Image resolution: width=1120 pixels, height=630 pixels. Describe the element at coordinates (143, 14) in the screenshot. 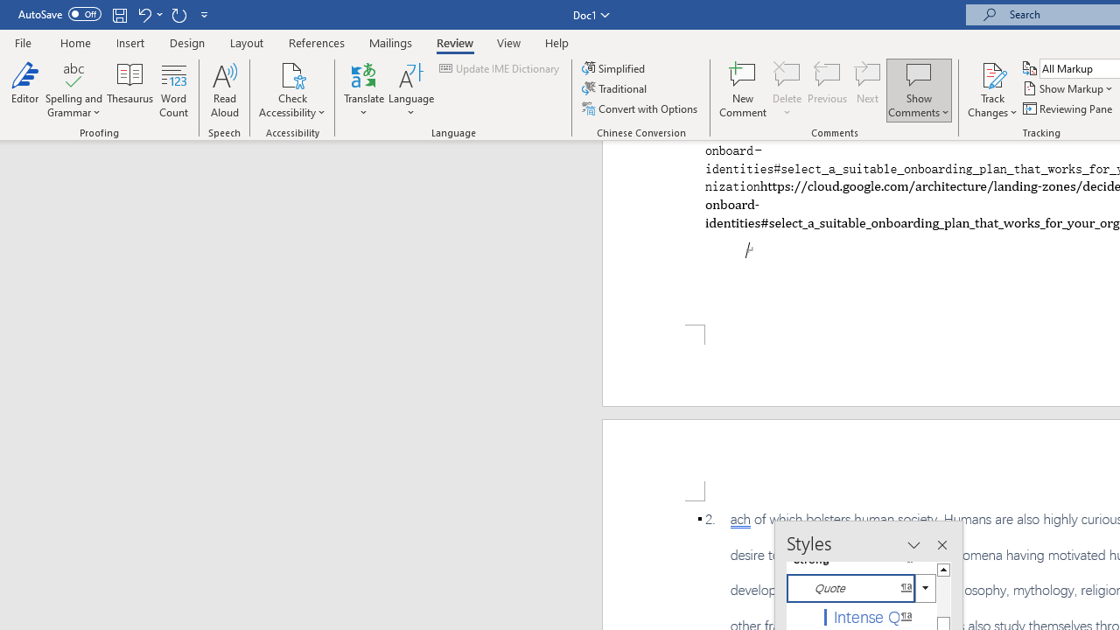

I see `'Undo Style'` at that location.